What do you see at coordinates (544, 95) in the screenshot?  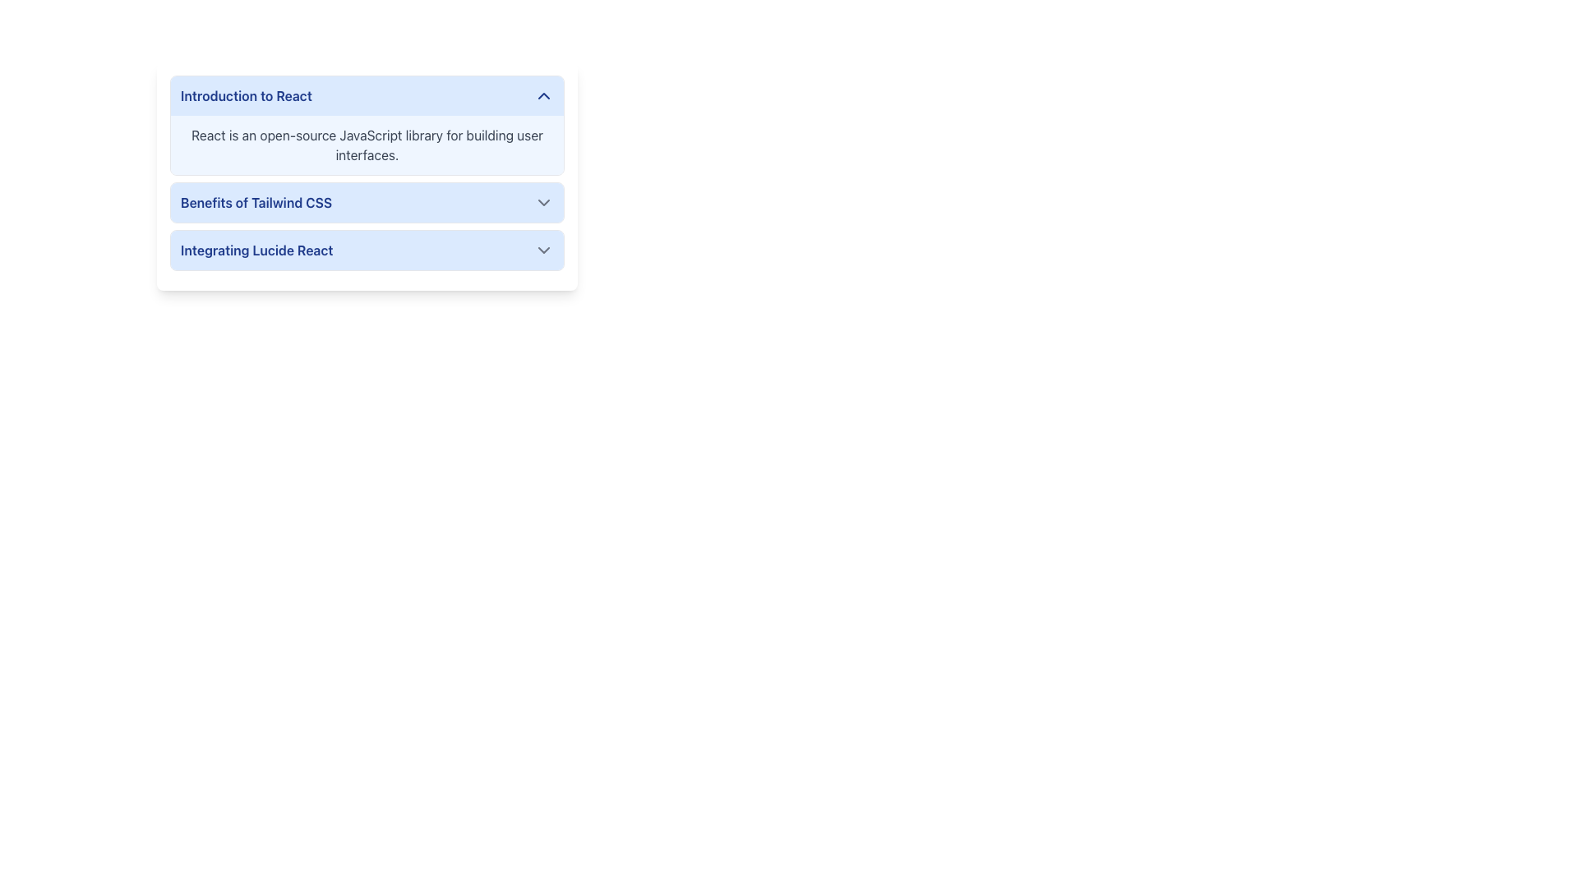 I see `the upward chevron-shaped icon button styled in blue, located on the right end of the 'Introduction to React' header` at bounding box center [544, 95].